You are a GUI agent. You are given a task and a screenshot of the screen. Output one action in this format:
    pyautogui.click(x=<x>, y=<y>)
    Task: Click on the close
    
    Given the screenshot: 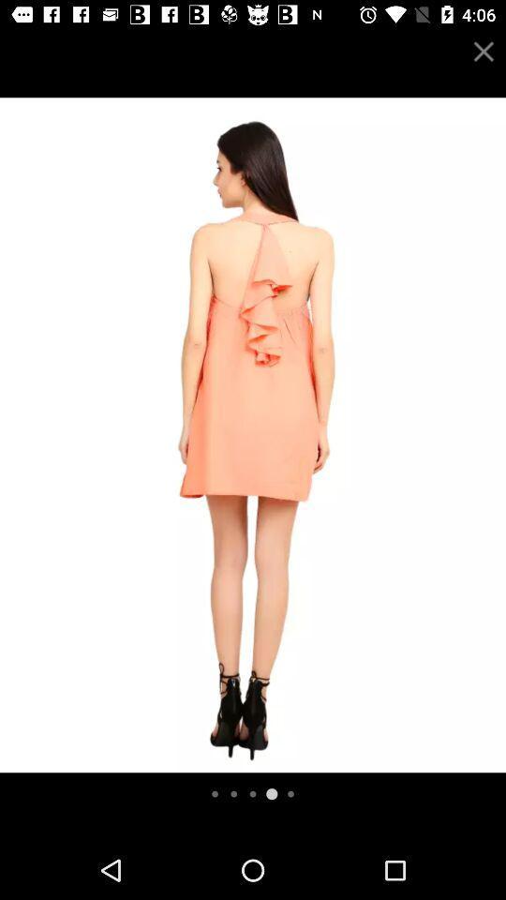 What is the action you would take?
    pyautogui.click(x=484, y=51)
    